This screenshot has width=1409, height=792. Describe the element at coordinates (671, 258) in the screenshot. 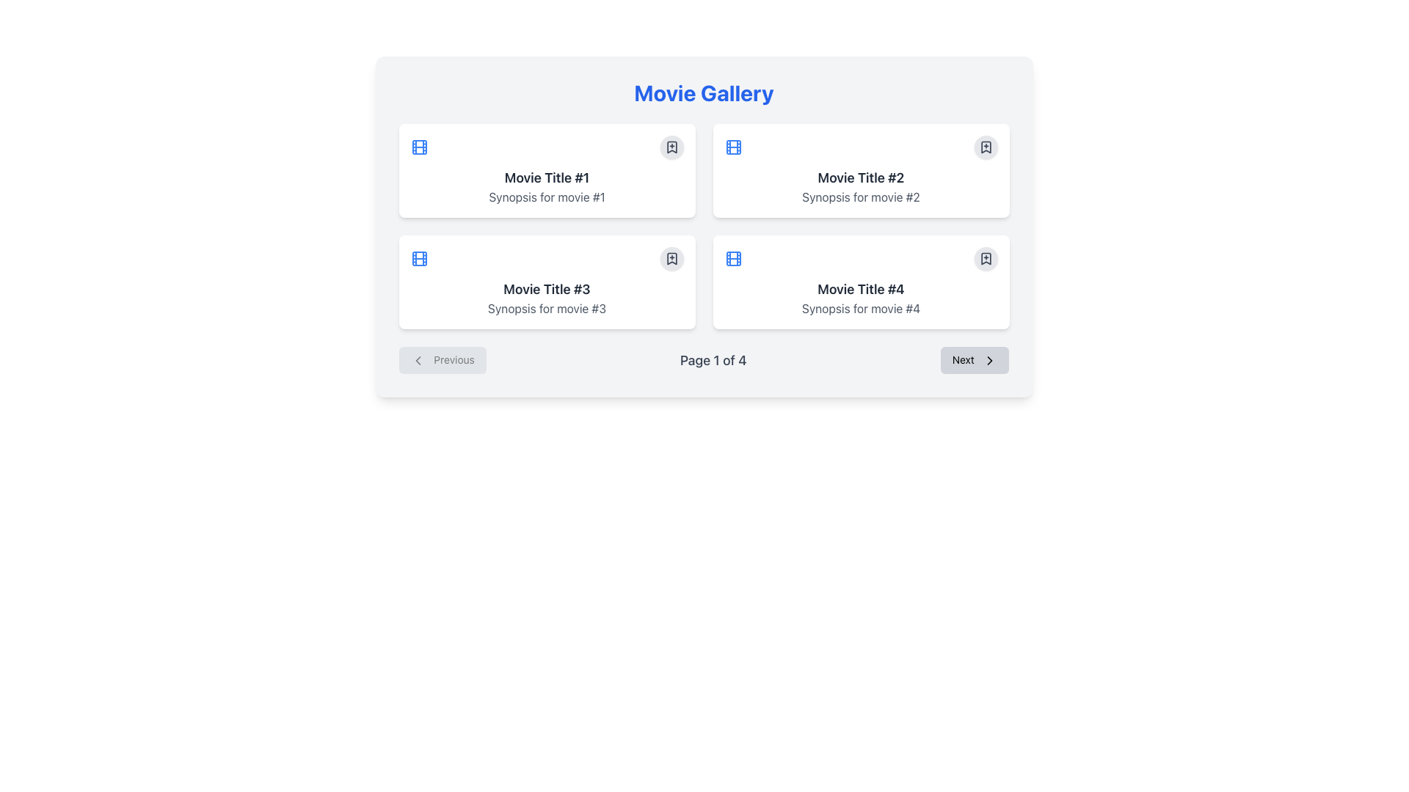

I see `the circular button with a light grey background and a plus sign inside a bookmark located in the top-right corner of the card titled 'Movie Title #3' to bookmark the movie` at that location.